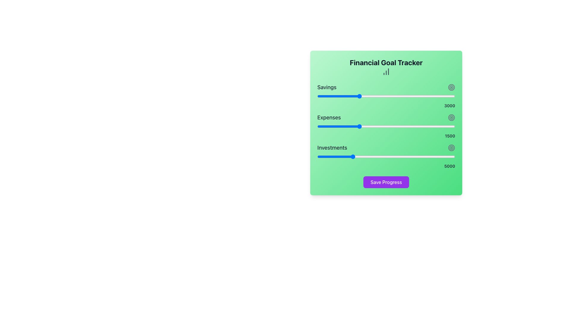 The image size is (570, 320). What do you see at coordinates (405, 96) in the screenshot?
I see `the savings value` at bounding box center [405, 96].